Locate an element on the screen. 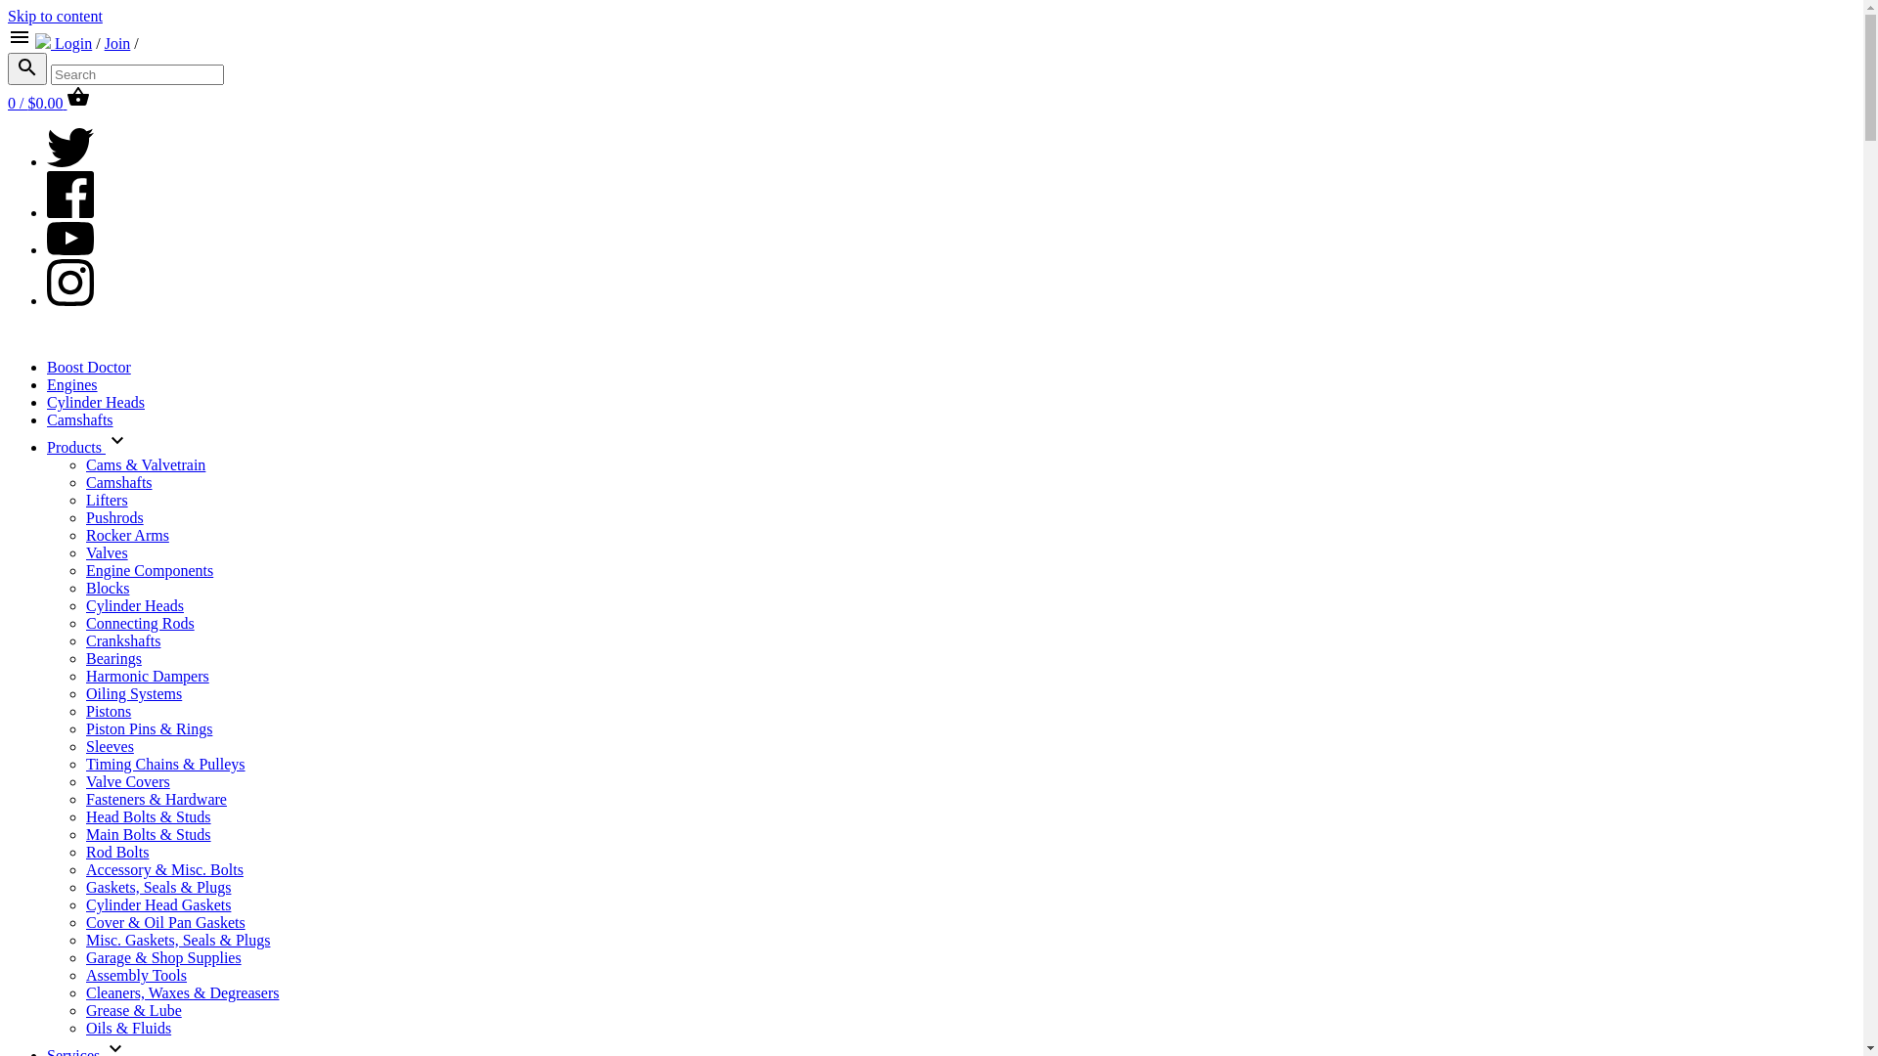 Image resolution: width=1878 pixels, height=1056 pixels. 'Harmonic Dampers' is located at coordinates (146, 675).